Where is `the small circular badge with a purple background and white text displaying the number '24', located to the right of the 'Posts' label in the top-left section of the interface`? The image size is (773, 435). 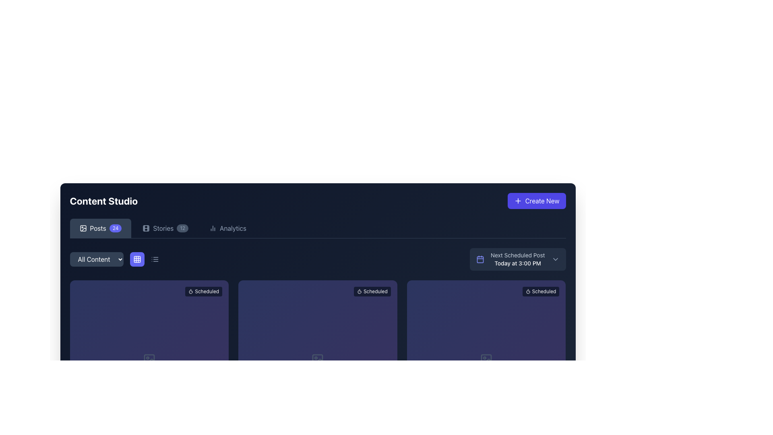
the small circular badge with a purple background and white text displaying the number '24', located to the right of the 'Posts' label in the top-left section of the interface is located at coordinates (115, 228).